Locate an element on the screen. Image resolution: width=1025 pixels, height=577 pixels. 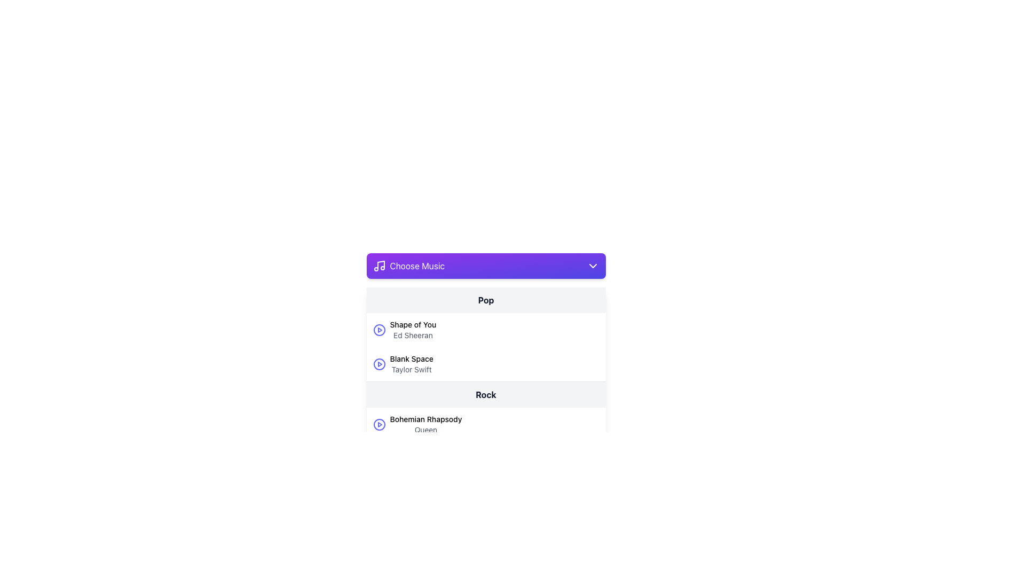
the circular play button with a blue outline next to 'Bohemian Rhapsody' is located at coordinates (379, 424).